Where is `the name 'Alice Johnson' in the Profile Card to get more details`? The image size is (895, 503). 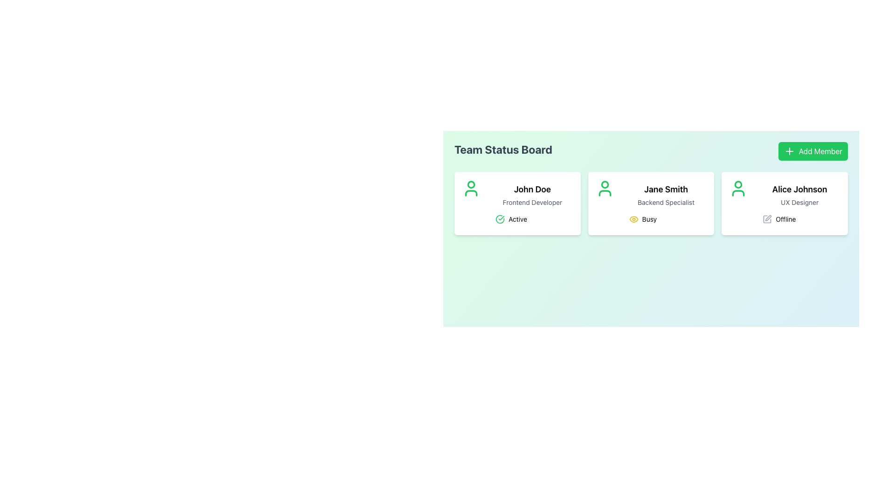
the name 'Alice Johnson' in the Profile Card to get more details is located at coordinates (799, 203).